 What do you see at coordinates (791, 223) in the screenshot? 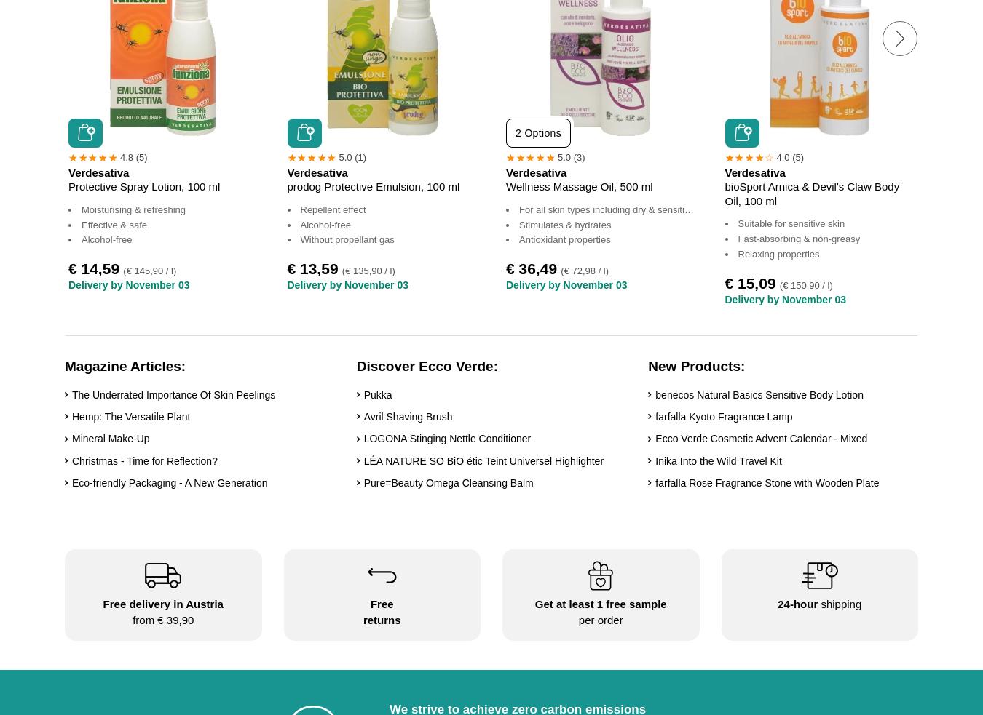
I see `'Suitable for sensitive skin'` at bounding box center [791, 223].